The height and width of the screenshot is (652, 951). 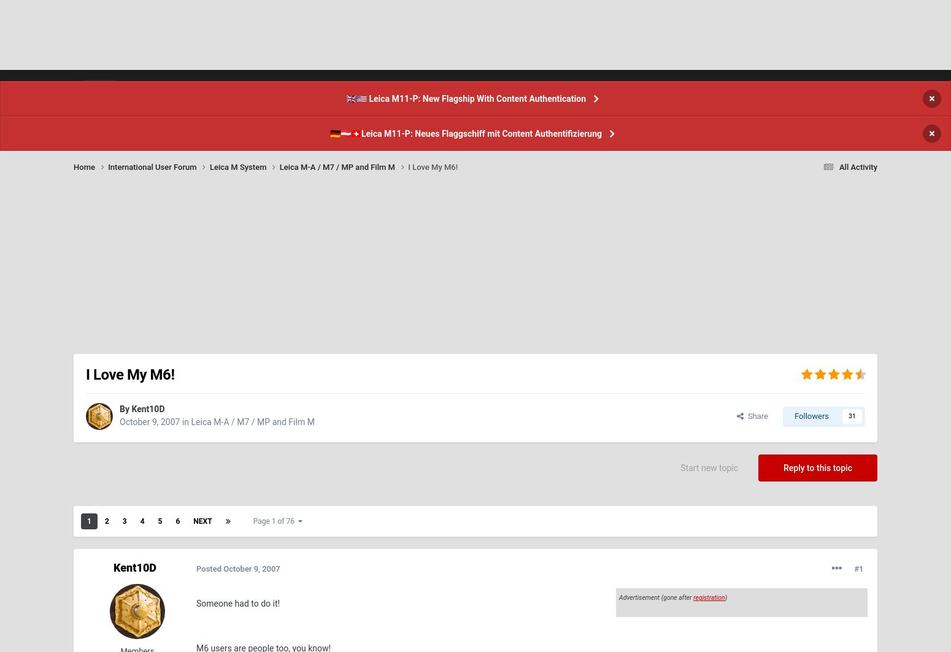 I want to click on 'Kent10D', so click(x=134, y=220).